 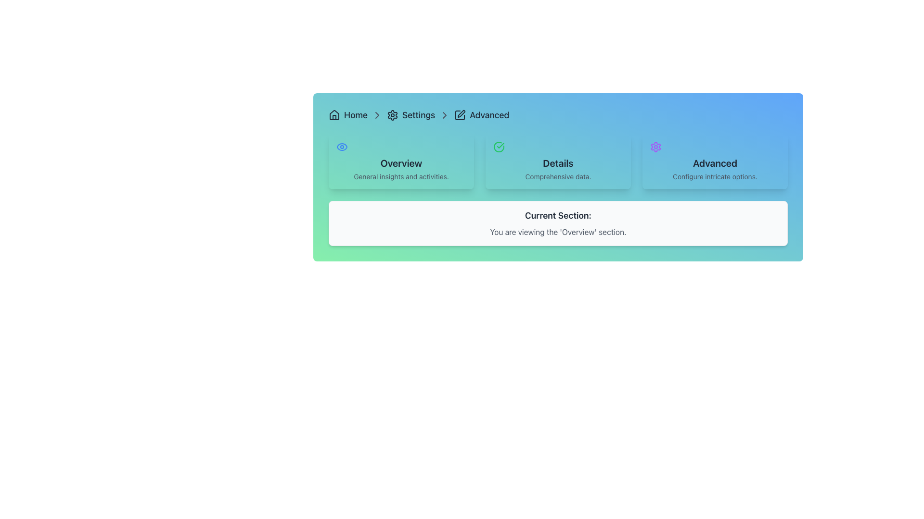 I want to click on the edit/customization icon in the breadcrumb navigation bar, located to the right of the 'Settings' breadcrumb and associated with the 'Advanced' section, so click(x=461, y=113).